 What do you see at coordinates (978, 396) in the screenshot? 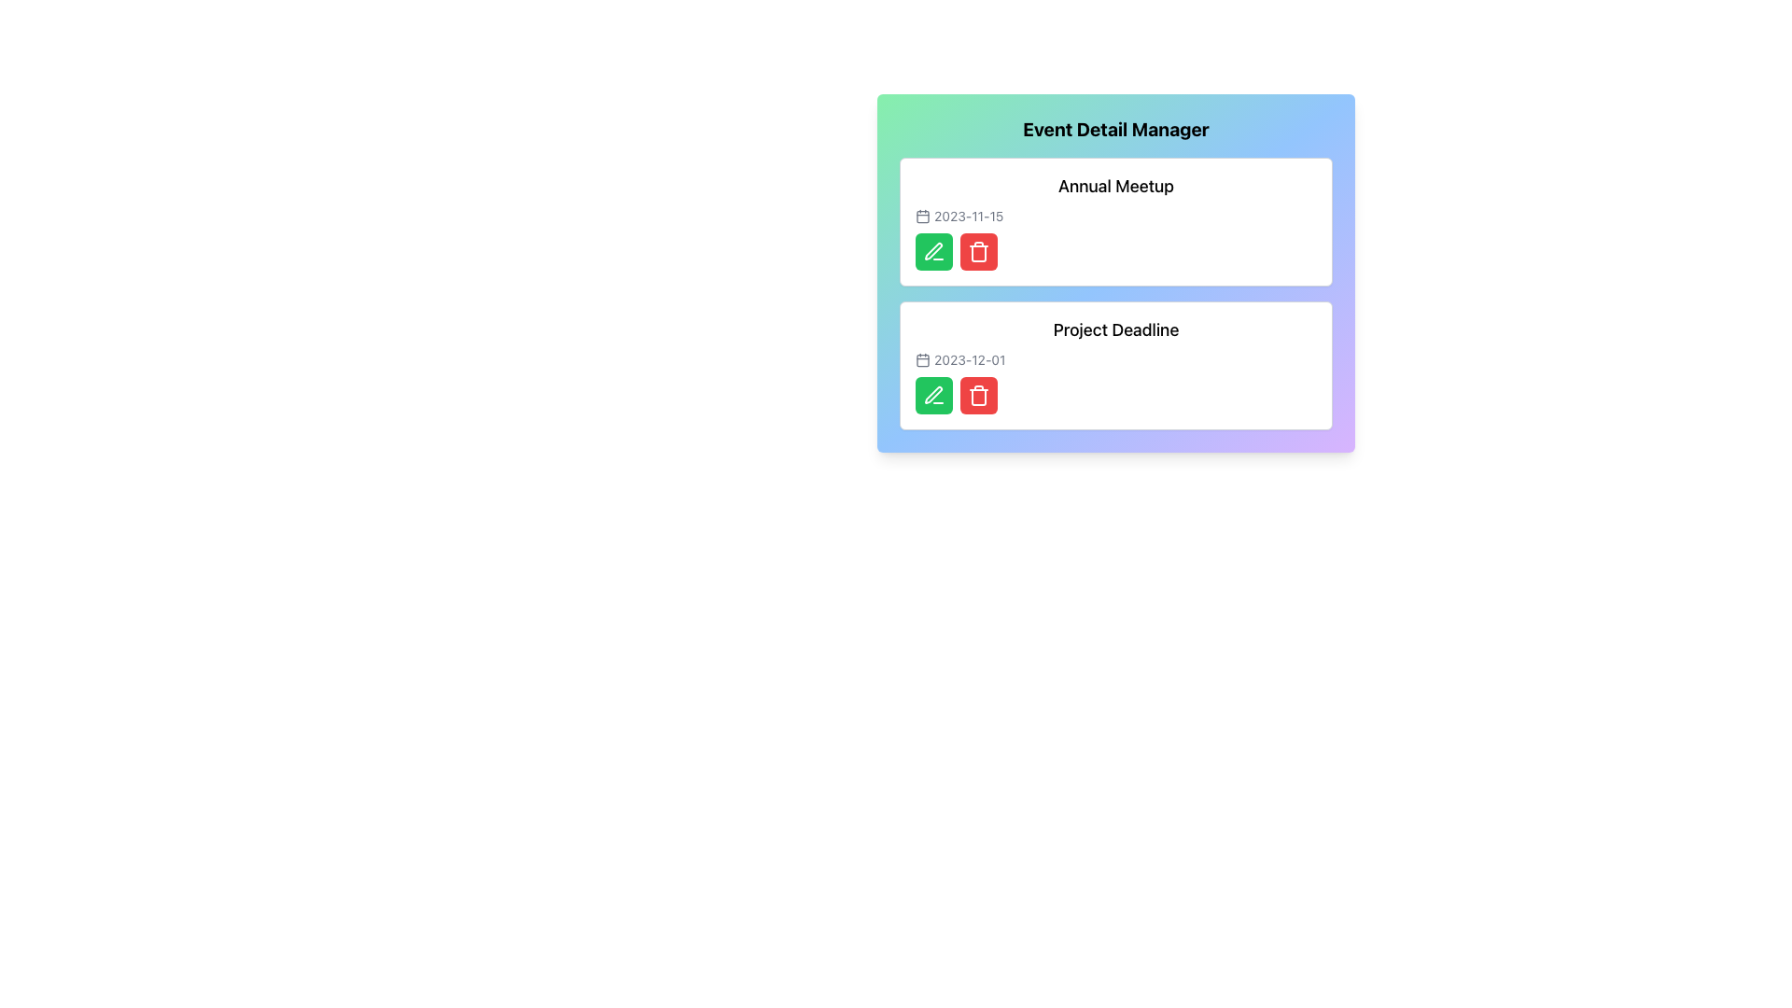
I see `the red trash icon located in the right section of the event card` at bounding box center [978, 396].